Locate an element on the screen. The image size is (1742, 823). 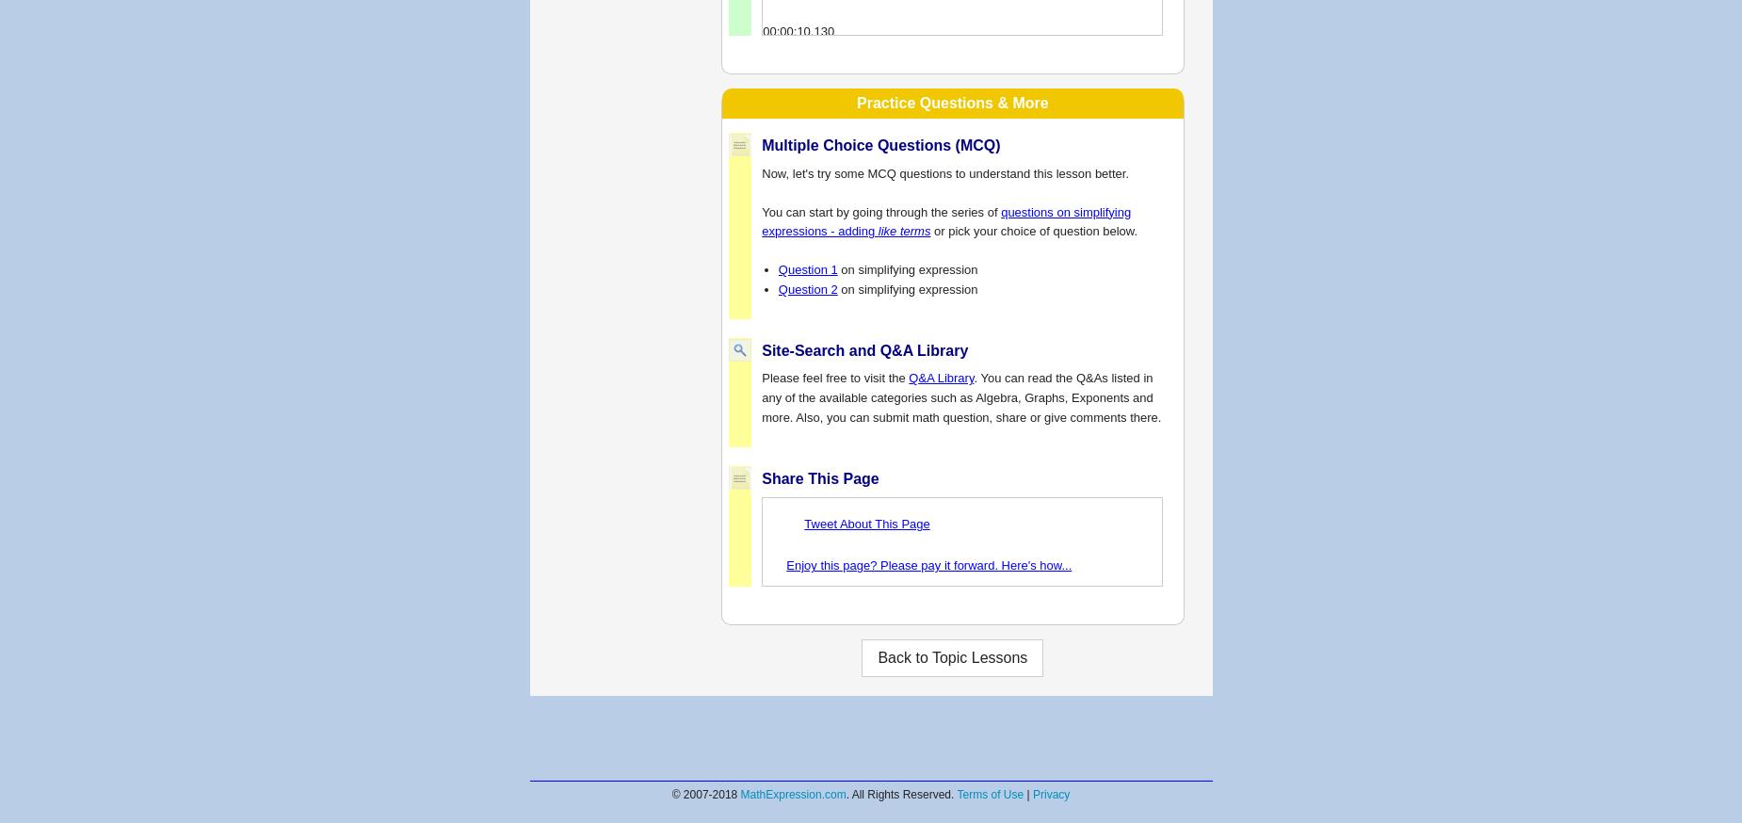
'. You can read the Q&As listed in any of the available categories such as Algebra, Graphs, Exponents and more. Also, you can submit math question, share or give comments there.' is located at coordinates (960, 396).